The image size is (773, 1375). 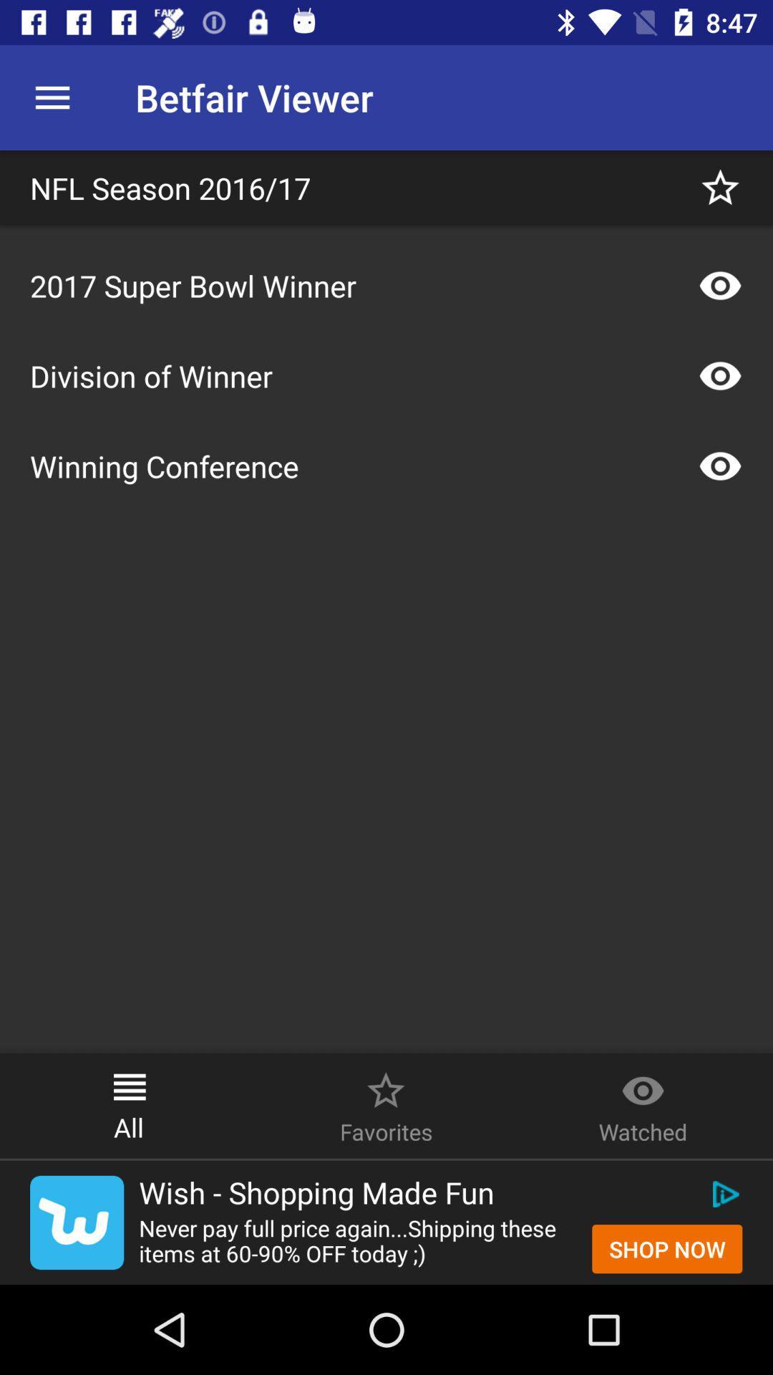 What do you see at coordinates (720, 375) in the screenshot?
I see `show photos` at bounding box center [720, 375].